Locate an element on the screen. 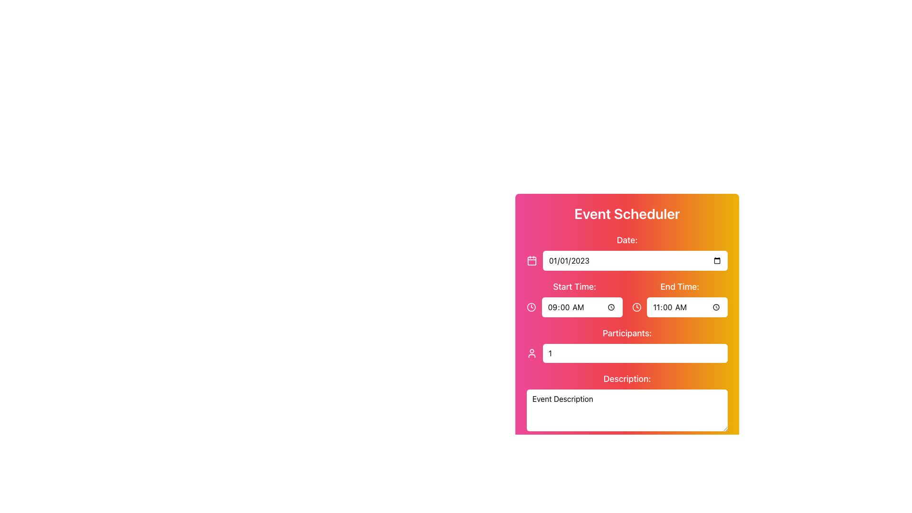 This screenshot has width=912, height=513. the label displaying 'Date:' which is positioned above the date input field in the event scheduler interface is located at coordinates (627, 252).